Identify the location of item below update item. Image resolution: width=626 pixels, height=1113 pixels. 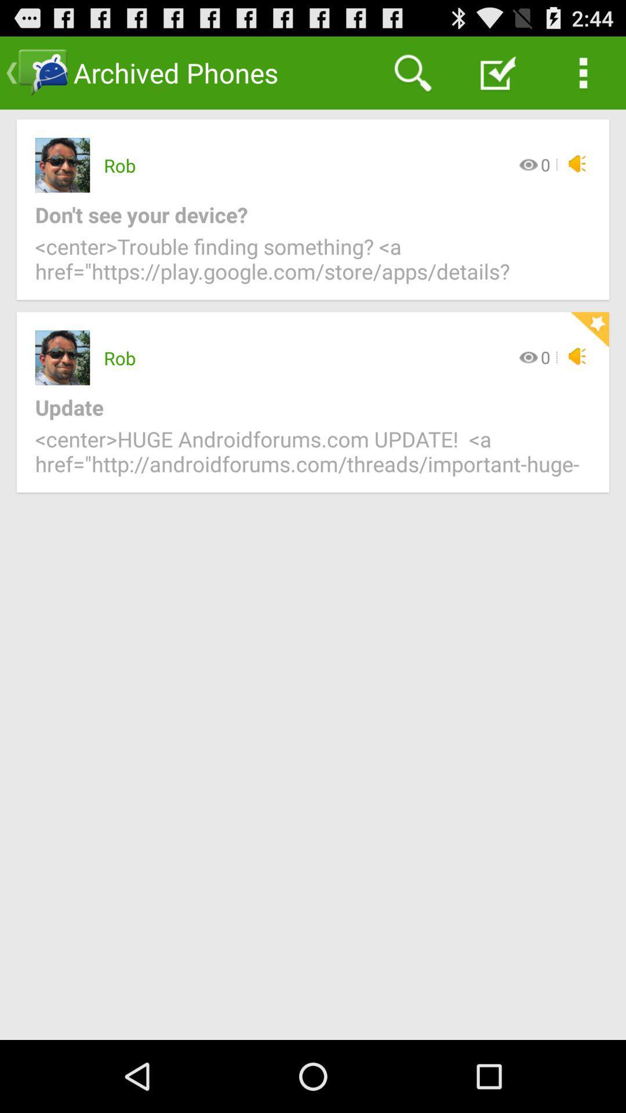
(313, 458).